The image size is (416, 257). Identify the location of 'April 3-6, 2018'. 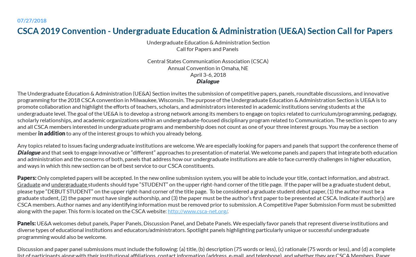
(207, 74).